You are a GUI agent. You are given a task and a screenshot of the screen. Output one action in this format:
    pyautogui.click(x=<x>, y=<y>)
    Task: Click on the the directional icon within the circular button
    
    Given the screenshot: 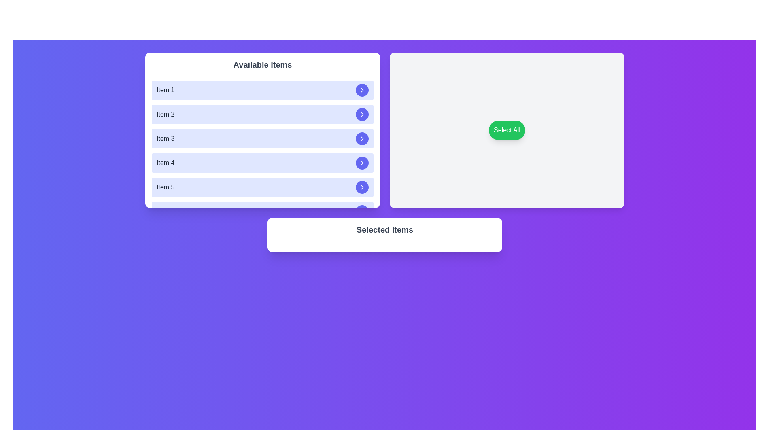 What is the action you would take?
    pyautogui.click(x=361, y=211)
    